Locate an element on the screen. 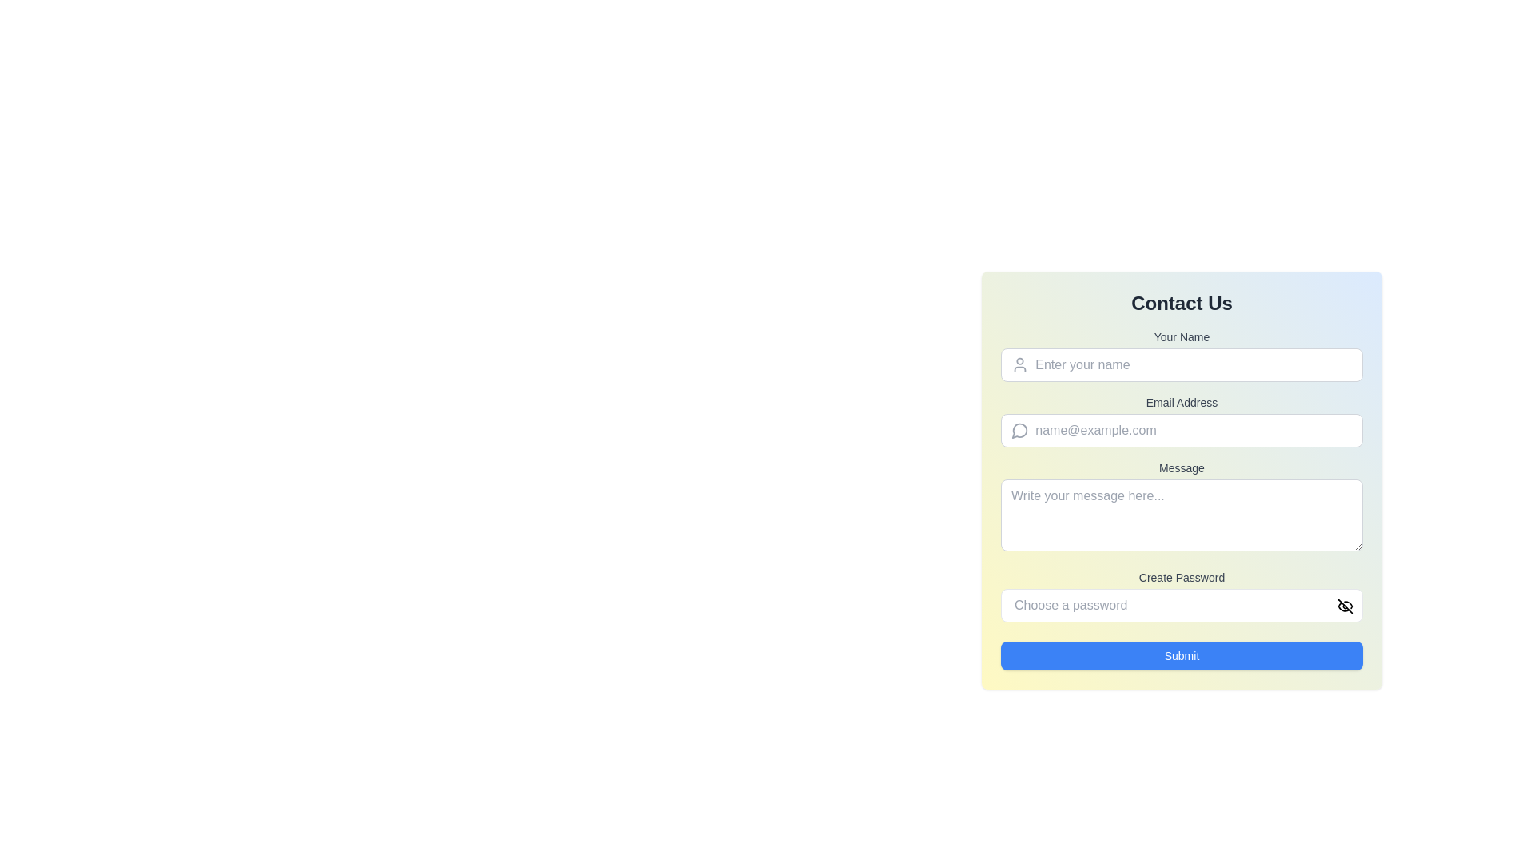 The image size is (1535, 863). the eye-off icon element in the SVG representation is located at coordinates (1345, 606).